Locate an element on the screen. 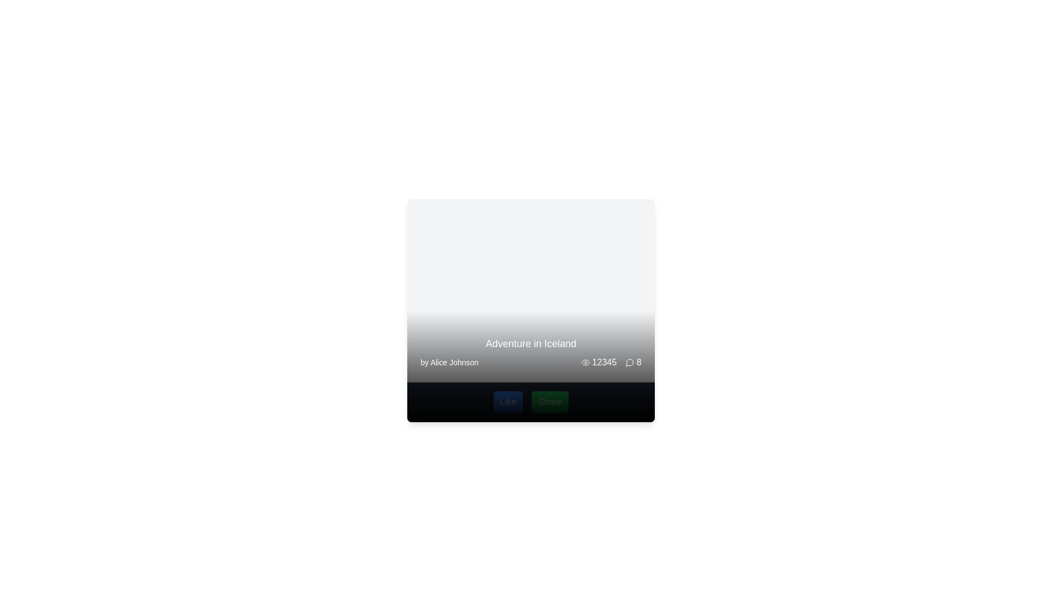 The width and height of the screenshot is (1061, 596). displayed number '12345' located in the bottom-right section of the card component, next to the eye and speech bubble icons is located at coordinates (603, 362).